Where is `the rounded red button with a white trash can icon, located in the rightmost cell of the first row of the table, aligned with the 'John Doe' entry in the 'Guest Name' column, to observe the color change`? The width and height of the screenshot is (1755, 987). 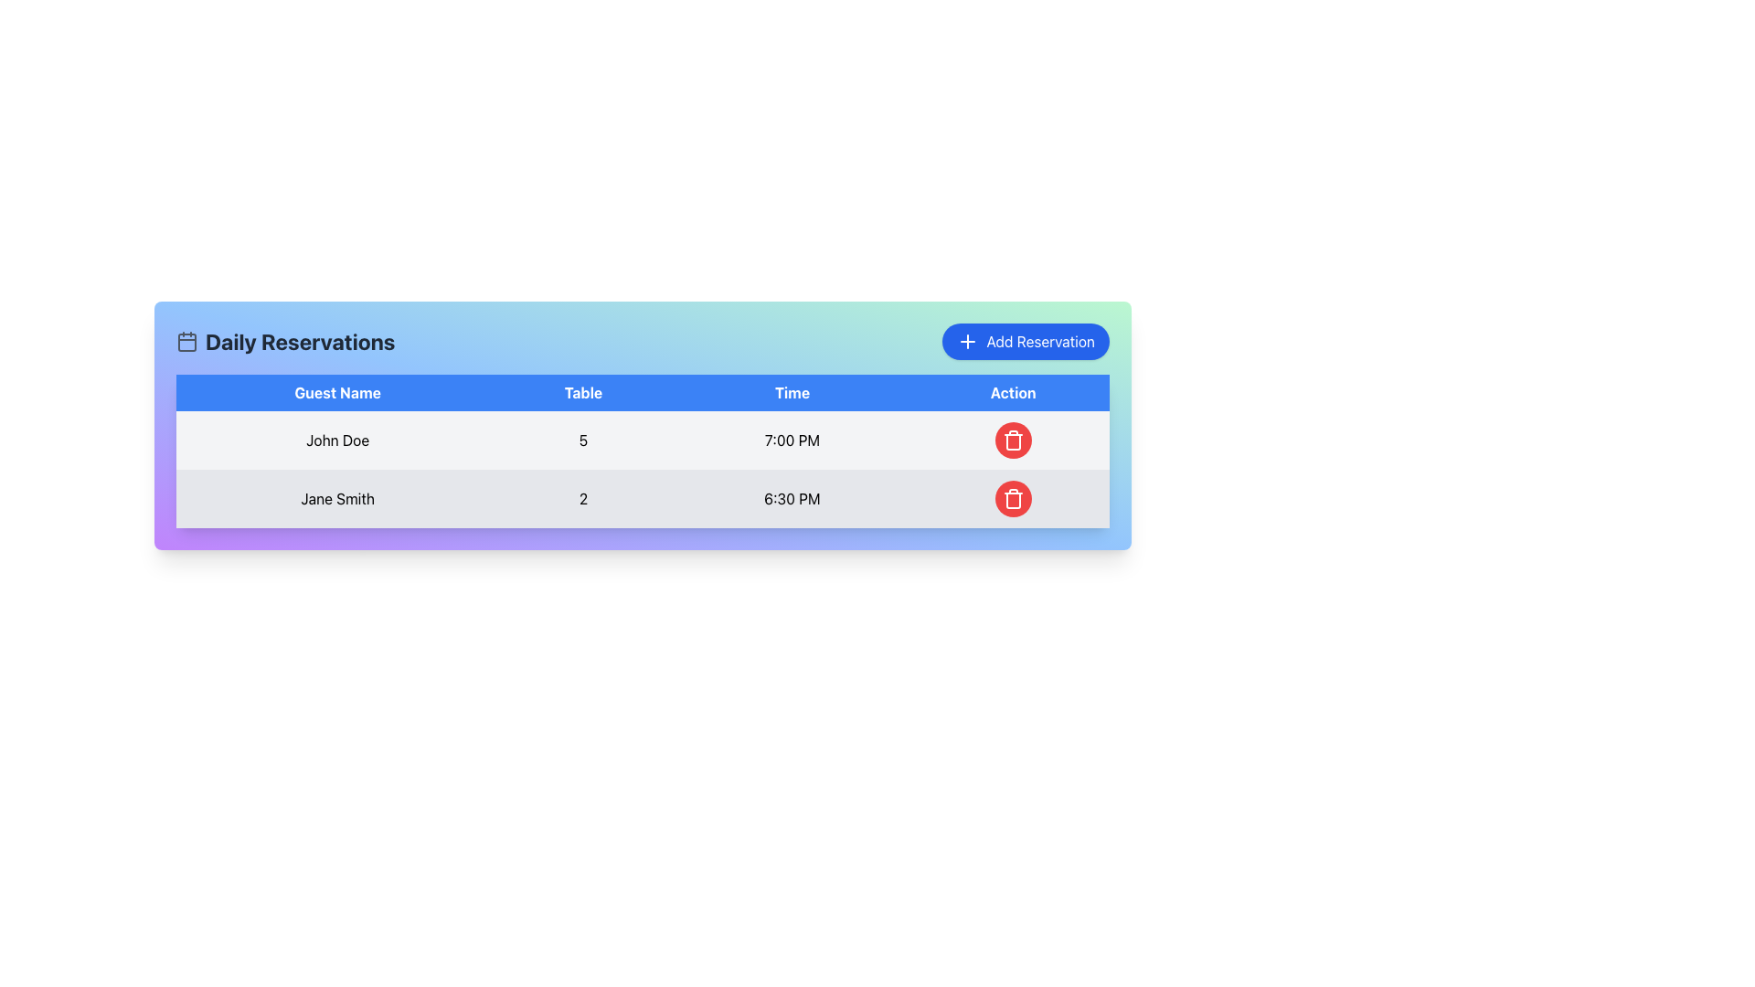 the rounded red button with a white trash can icon, located in the rightmost cell of the first row of the table, aligned with the 'John Doe' entry in the 'Guest Name' column, to observe the color change is located at coordinates (1012, 440).